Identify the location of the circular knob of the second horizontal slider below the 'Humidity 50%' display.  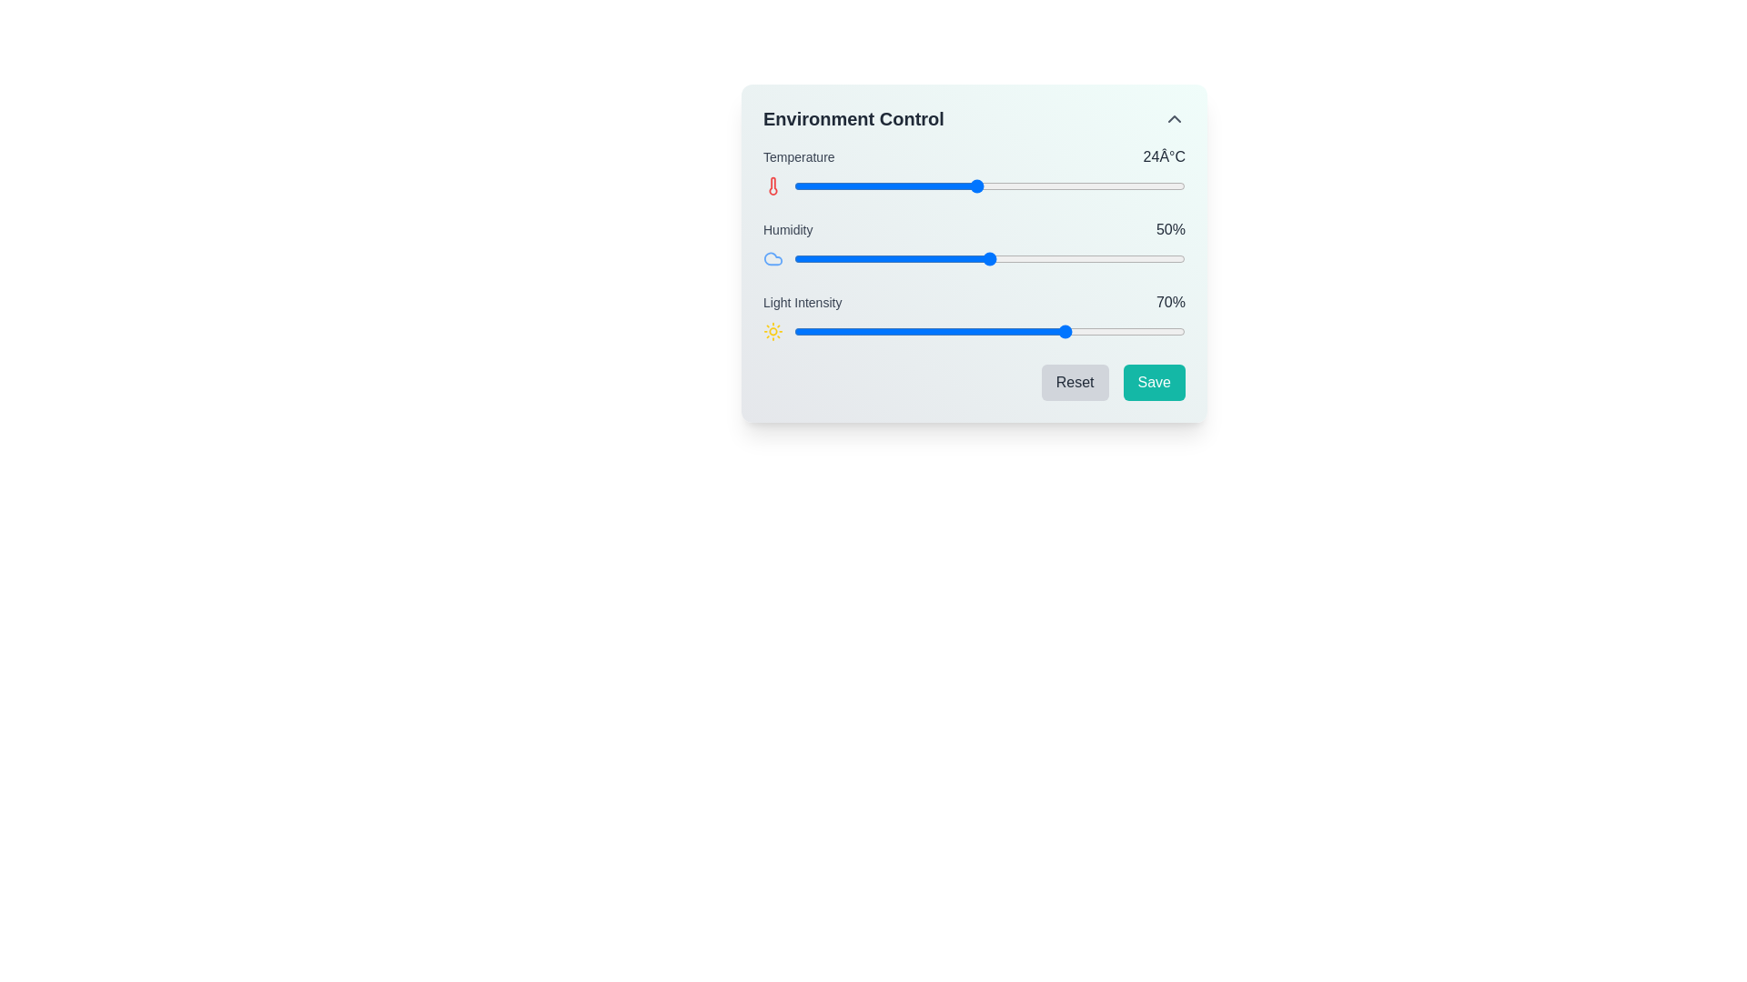
(973, 259).